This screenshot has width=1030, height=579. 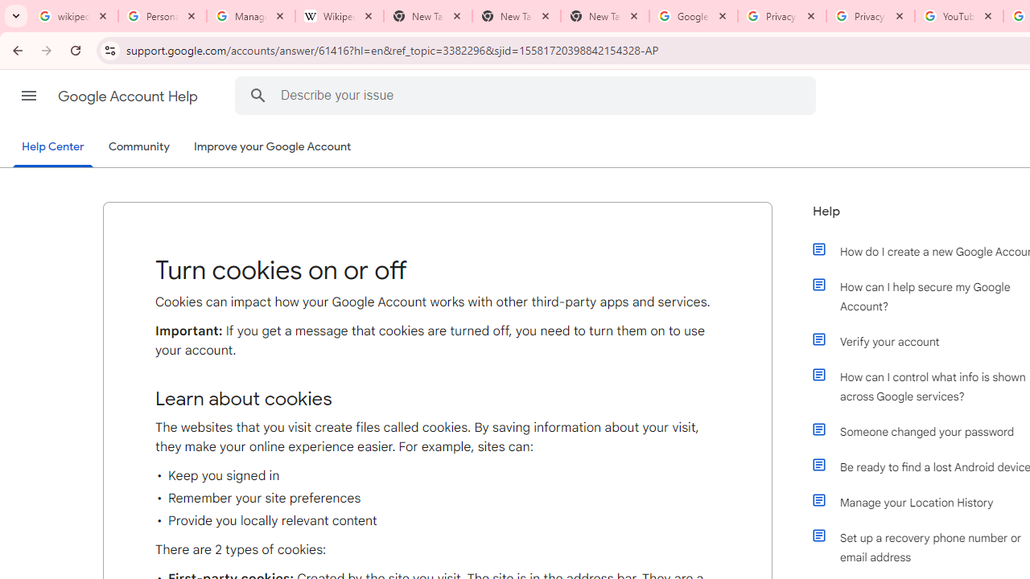 What do you see at coordinates (339, 16) in the screenshot?
I see `'Wikipedia:Edit requests - Wikipedia'` at bounding box center [339, 16].